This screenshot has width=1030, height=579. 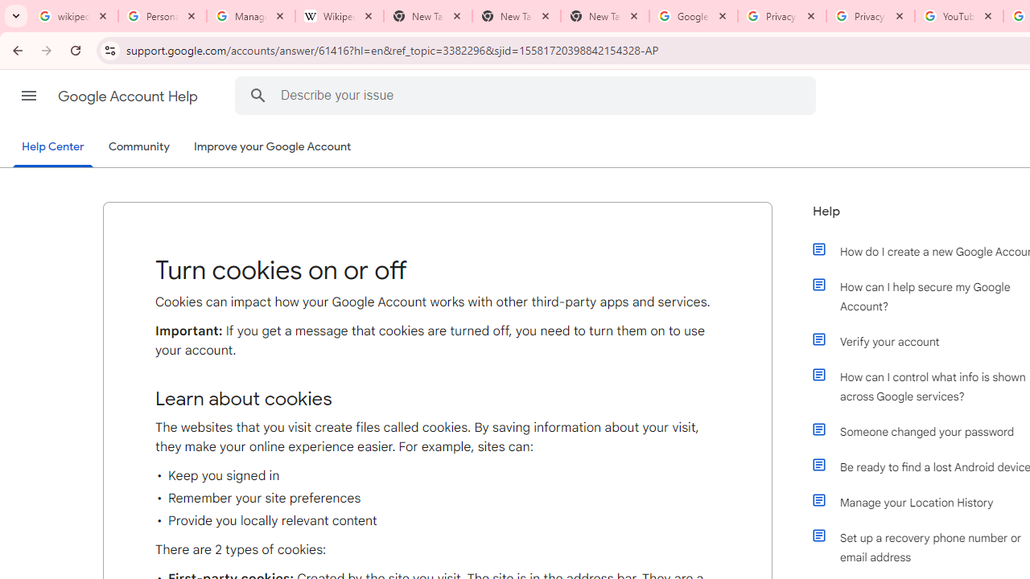 What do you see at coordinates (339, 16) in the screenshot?
I see `'Wikipedia:Edit requests - Wikipedia'` at bounding box center [339, 16].